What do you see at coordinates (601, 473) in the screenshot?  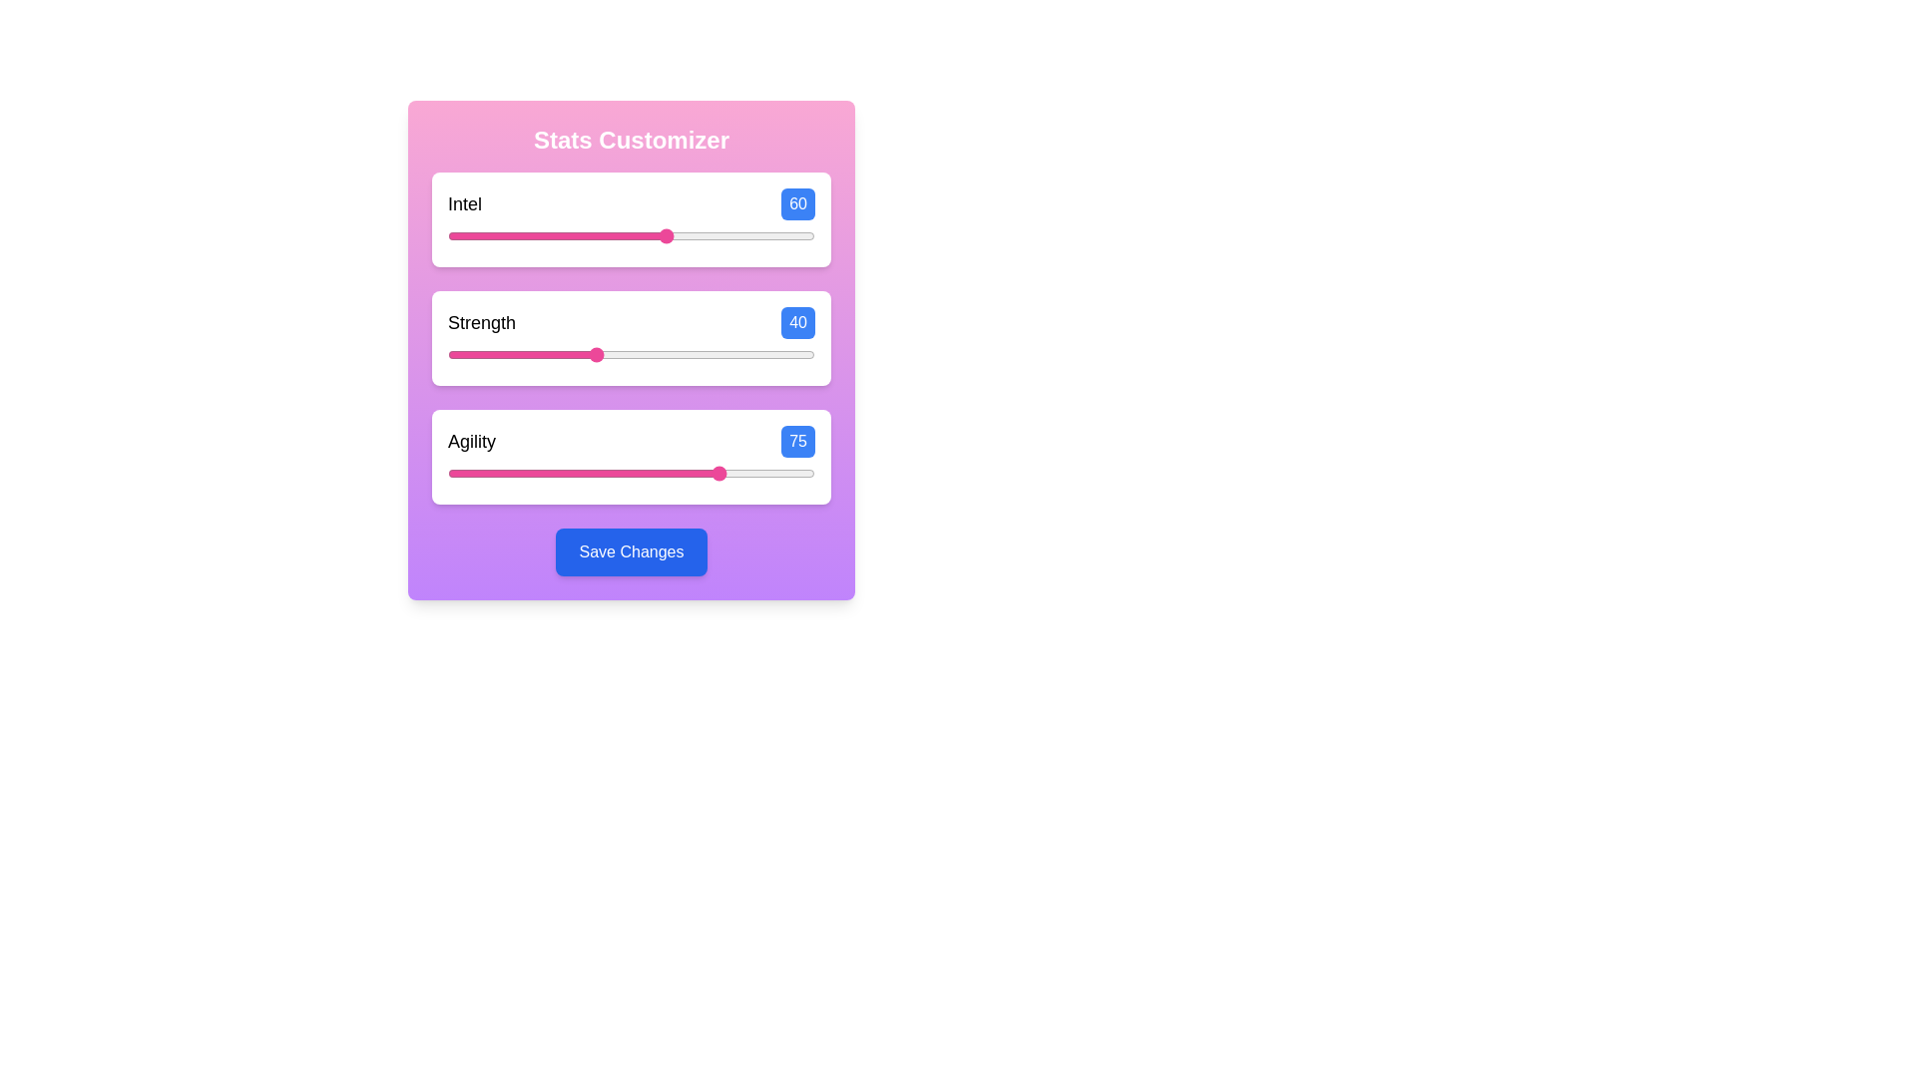 I see `the agility value` at bounding box center [601, 473].